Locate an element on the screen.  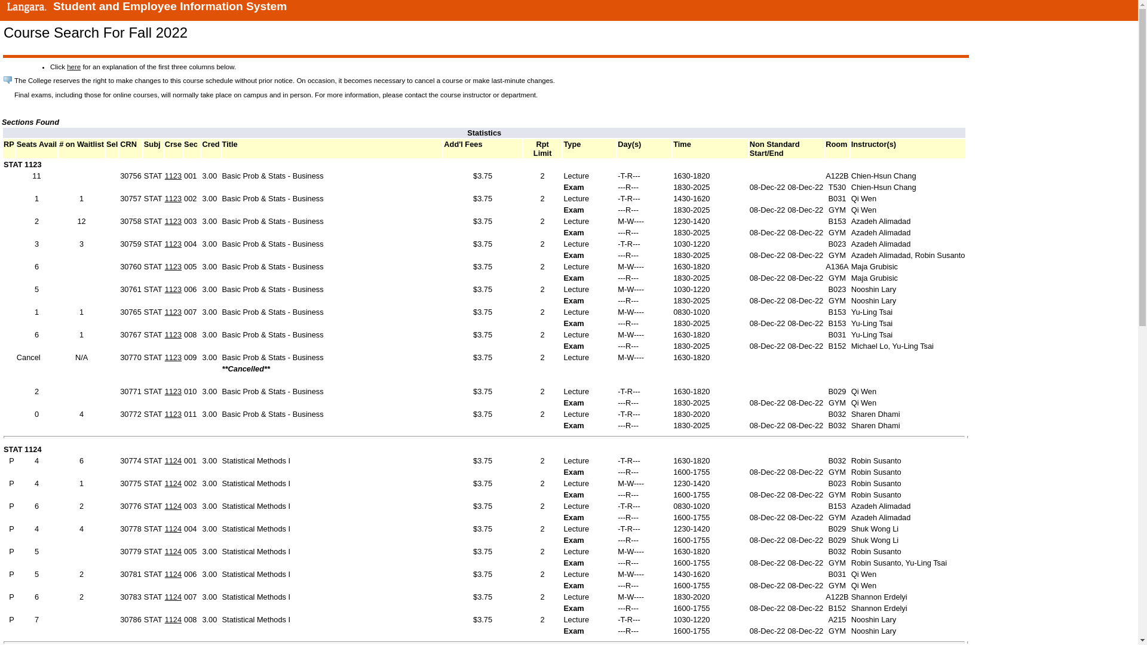
'1124' is located at coordinates (172, 460).